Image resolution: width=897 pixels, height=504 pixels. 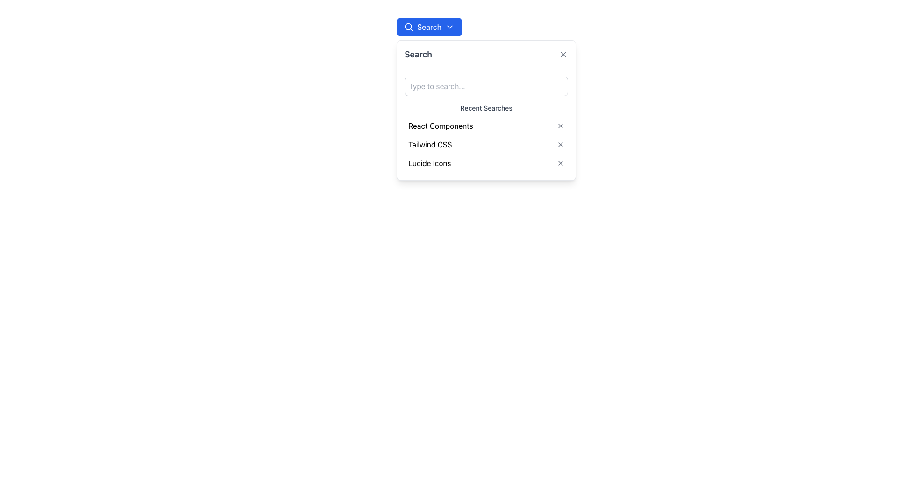 What do you see at coordinates (418, 54) in the screenshot?
I see `the text label that serves as a title for the dropdown interface, located at the top left of the dropdown panel` at bounding box center [418, 54].